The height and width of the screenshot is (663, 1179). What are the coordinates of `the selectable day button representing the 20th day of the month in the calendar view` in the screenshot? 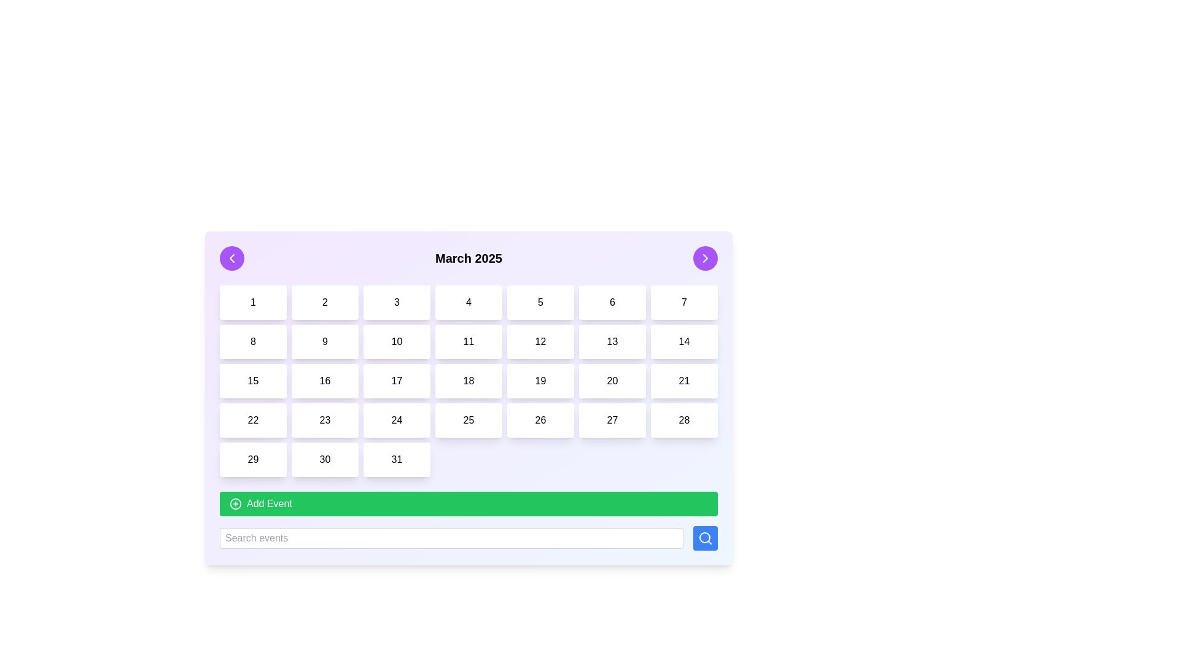 It's located at (612, 381).